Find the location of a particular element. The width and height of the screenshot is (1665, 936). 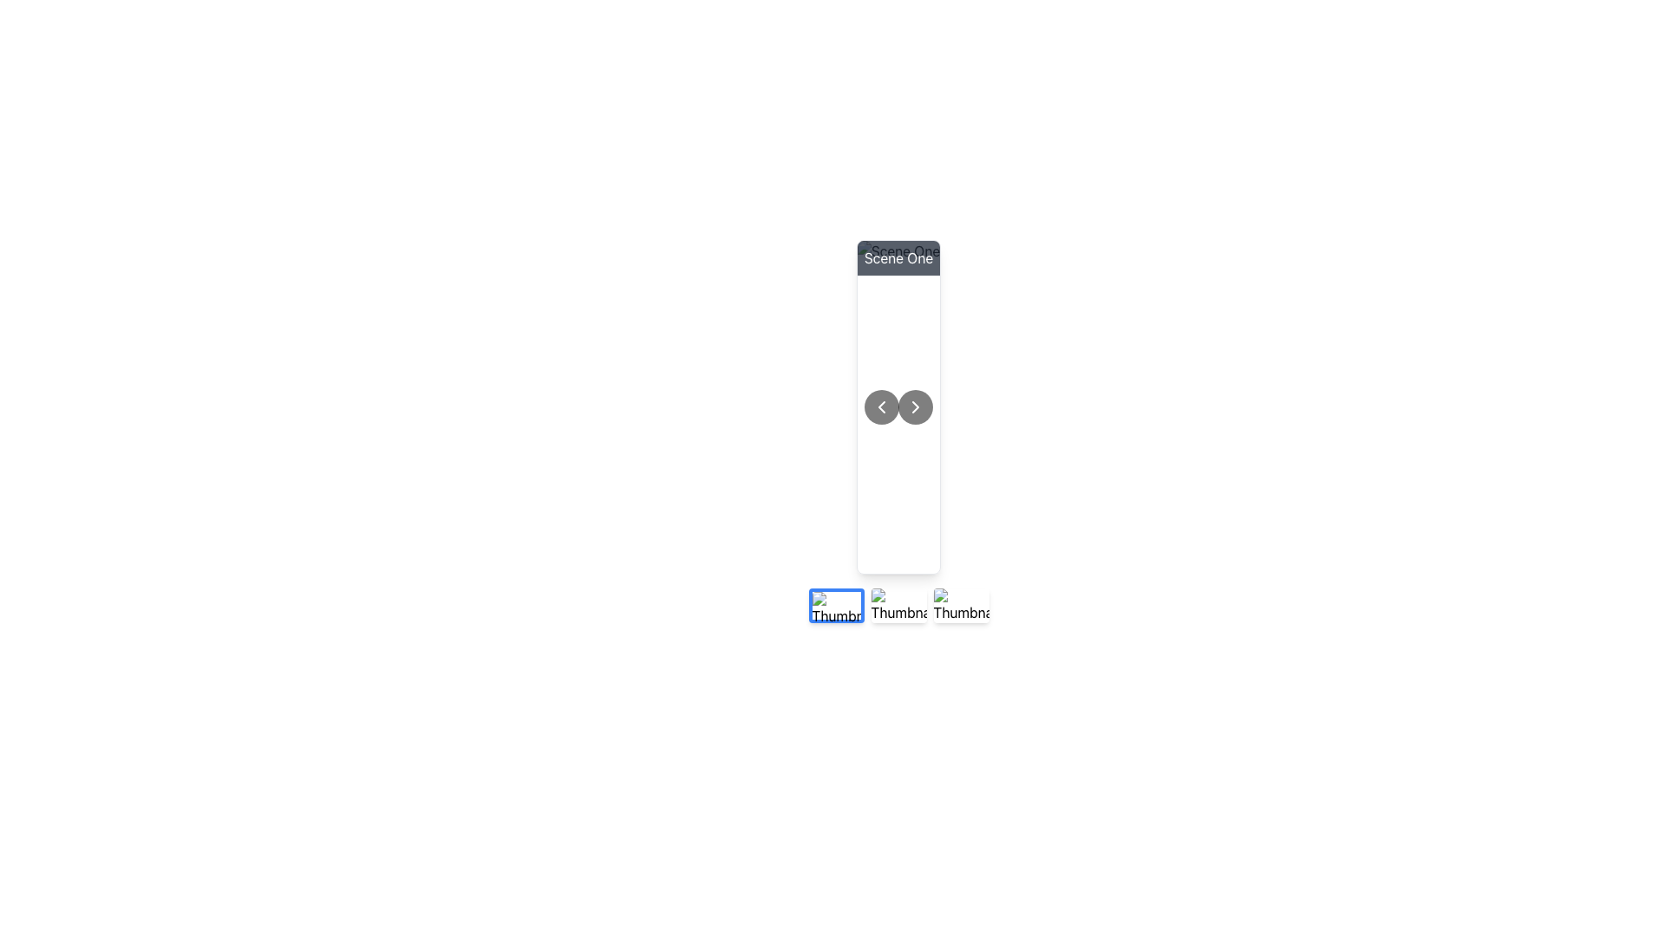

the middle thumbnail of the Interactive Thumbnail row in the 'Scene One' component is located at coordinates (898, 604).